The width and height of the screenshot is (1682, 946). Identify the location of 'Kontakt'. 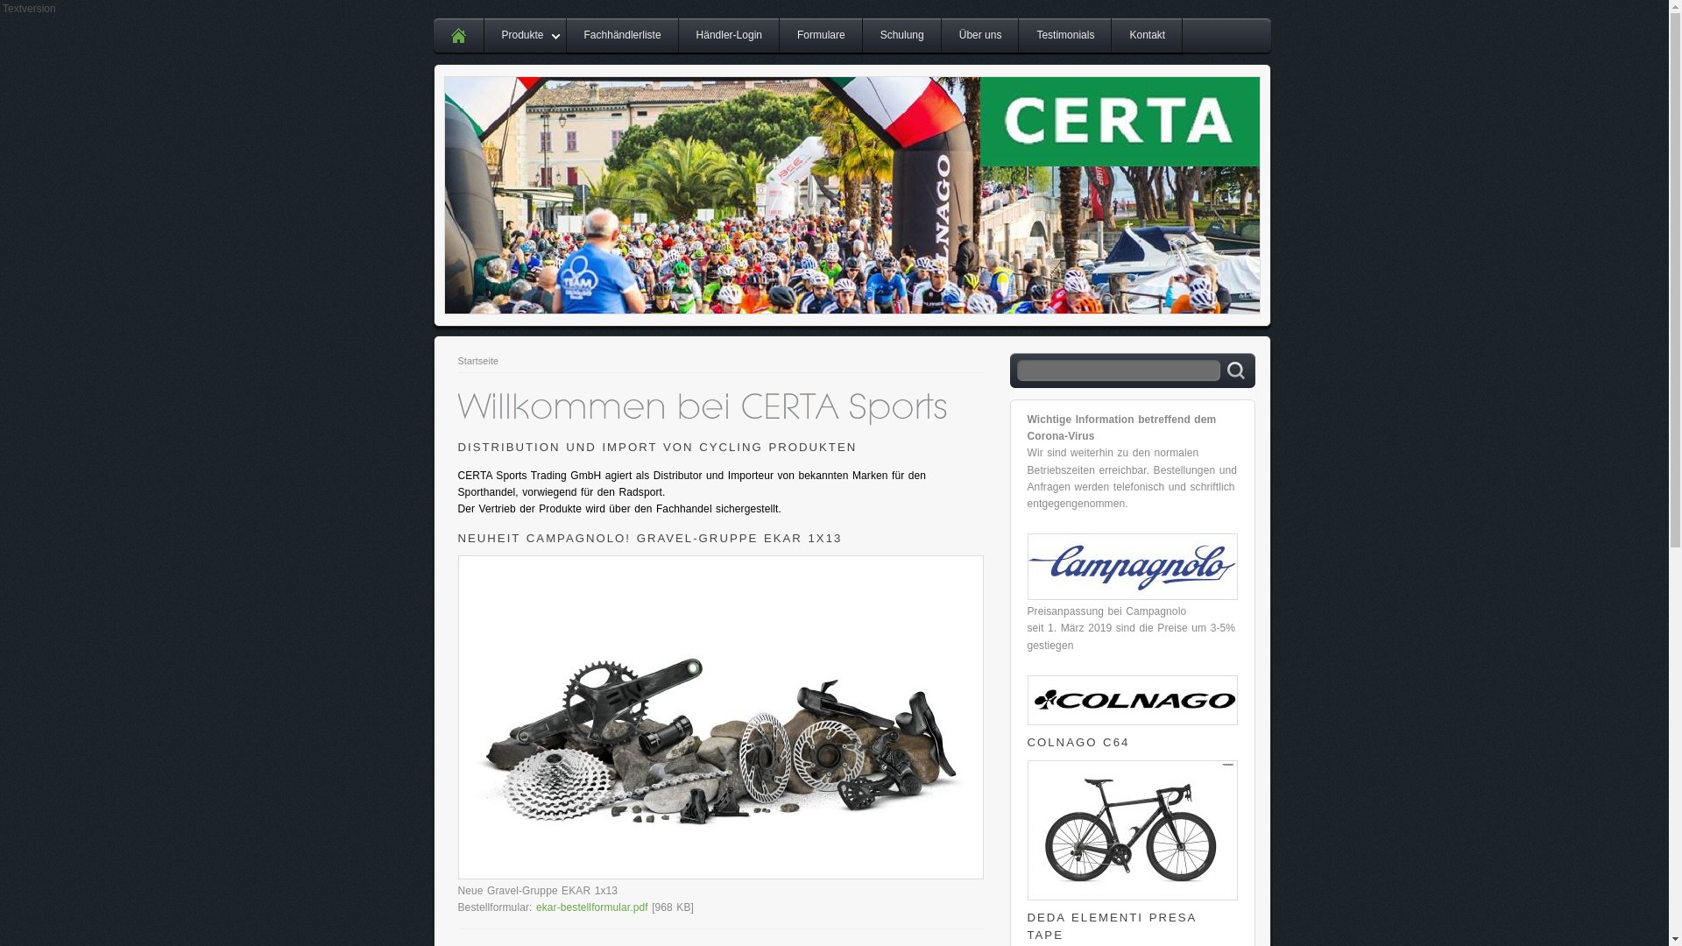
(1147, 36).